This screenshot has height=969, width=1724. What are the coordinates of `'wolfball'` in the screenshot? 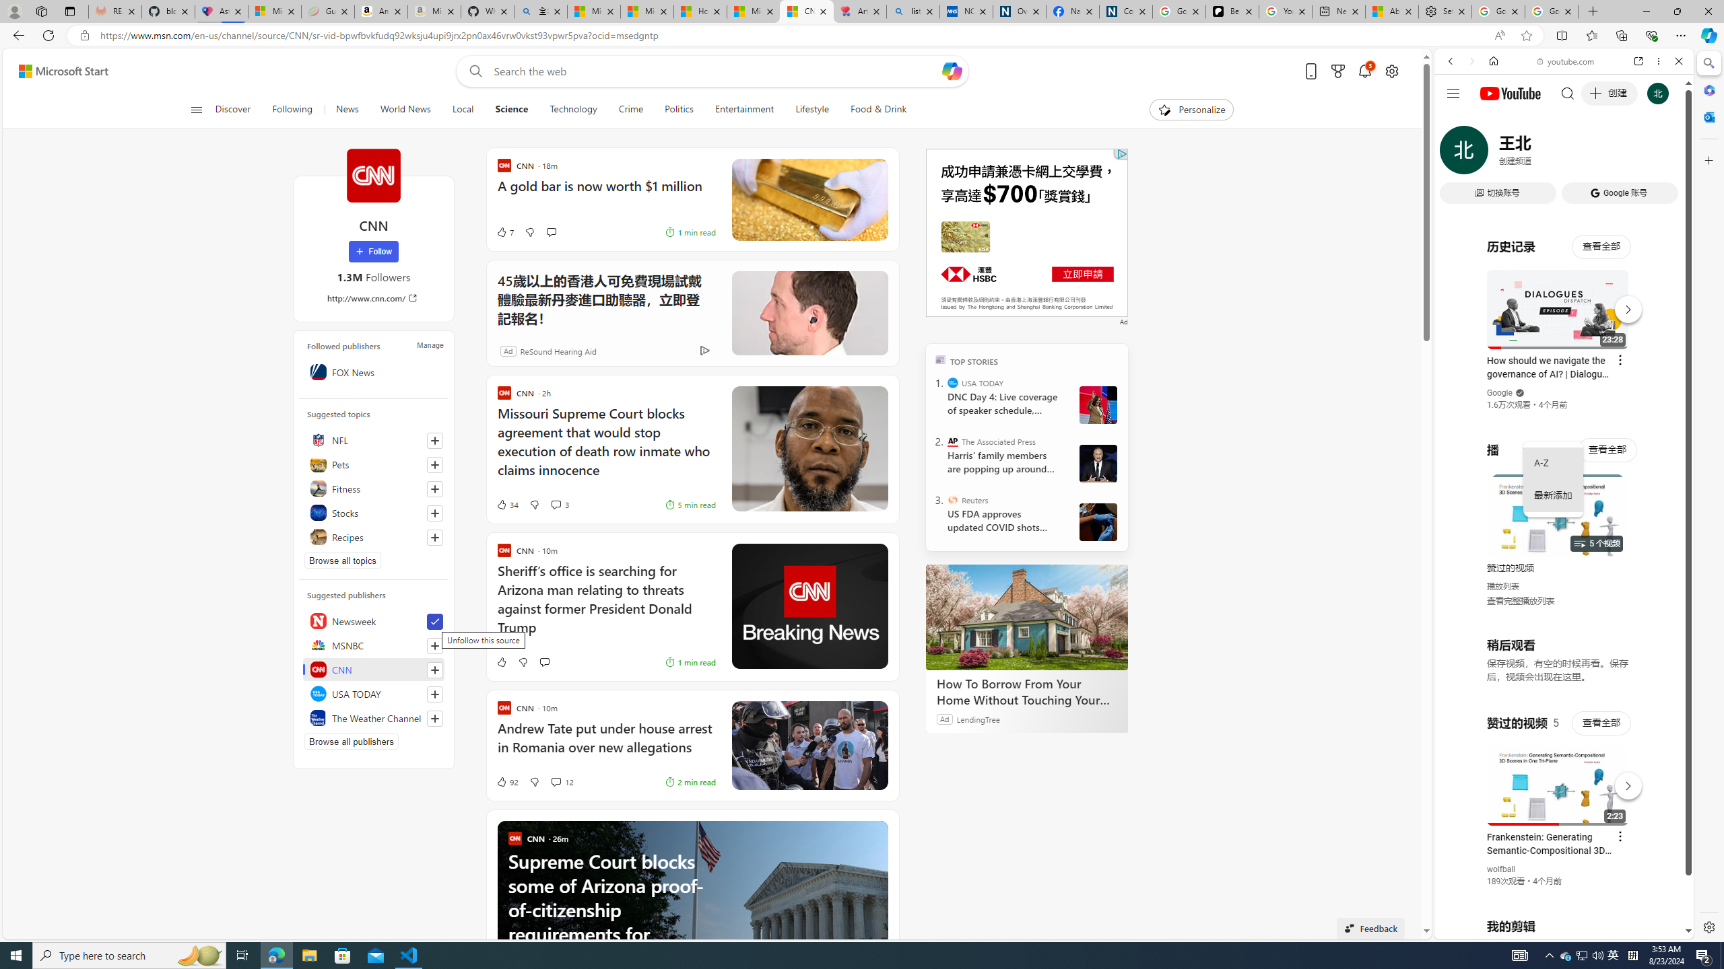 It's located at (1501, 868).